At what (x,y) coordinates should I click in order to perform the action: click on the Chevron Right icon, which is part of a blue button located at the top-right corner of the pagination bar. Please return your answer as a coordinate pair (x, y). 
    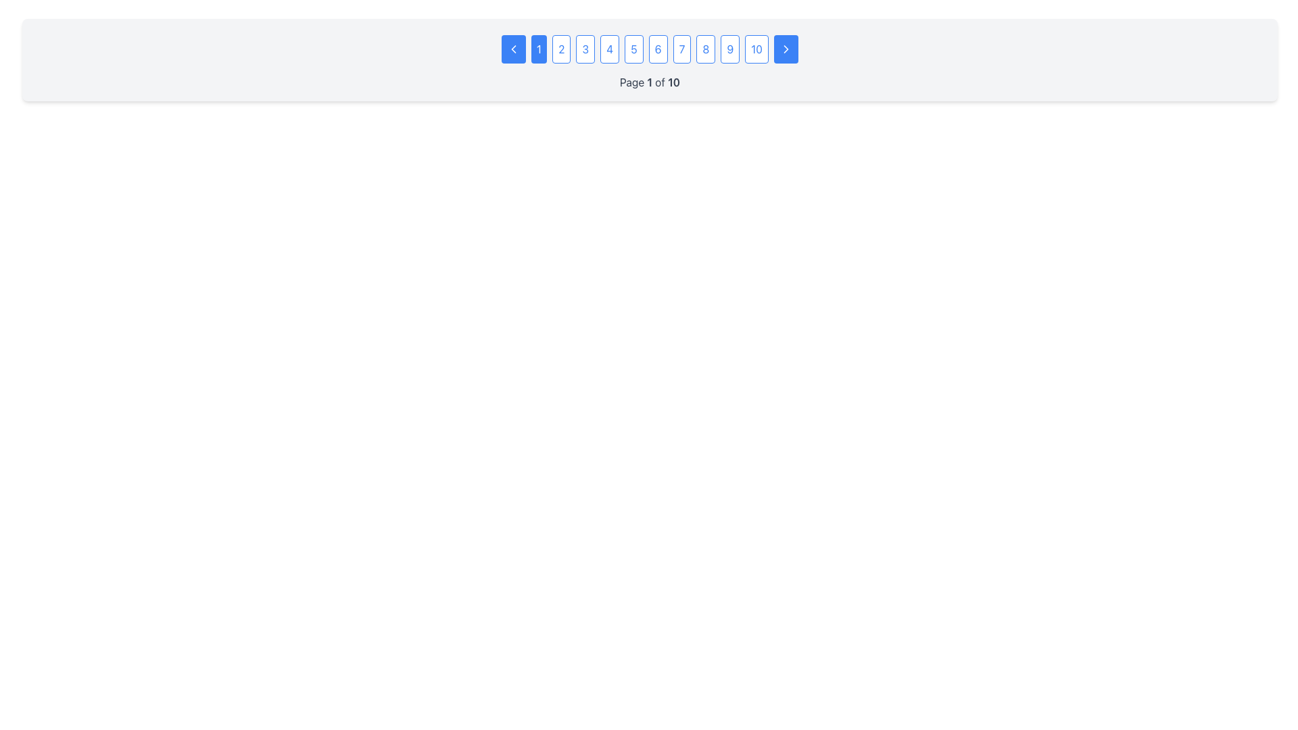
    Looking at the image, I should click on (786, 49).